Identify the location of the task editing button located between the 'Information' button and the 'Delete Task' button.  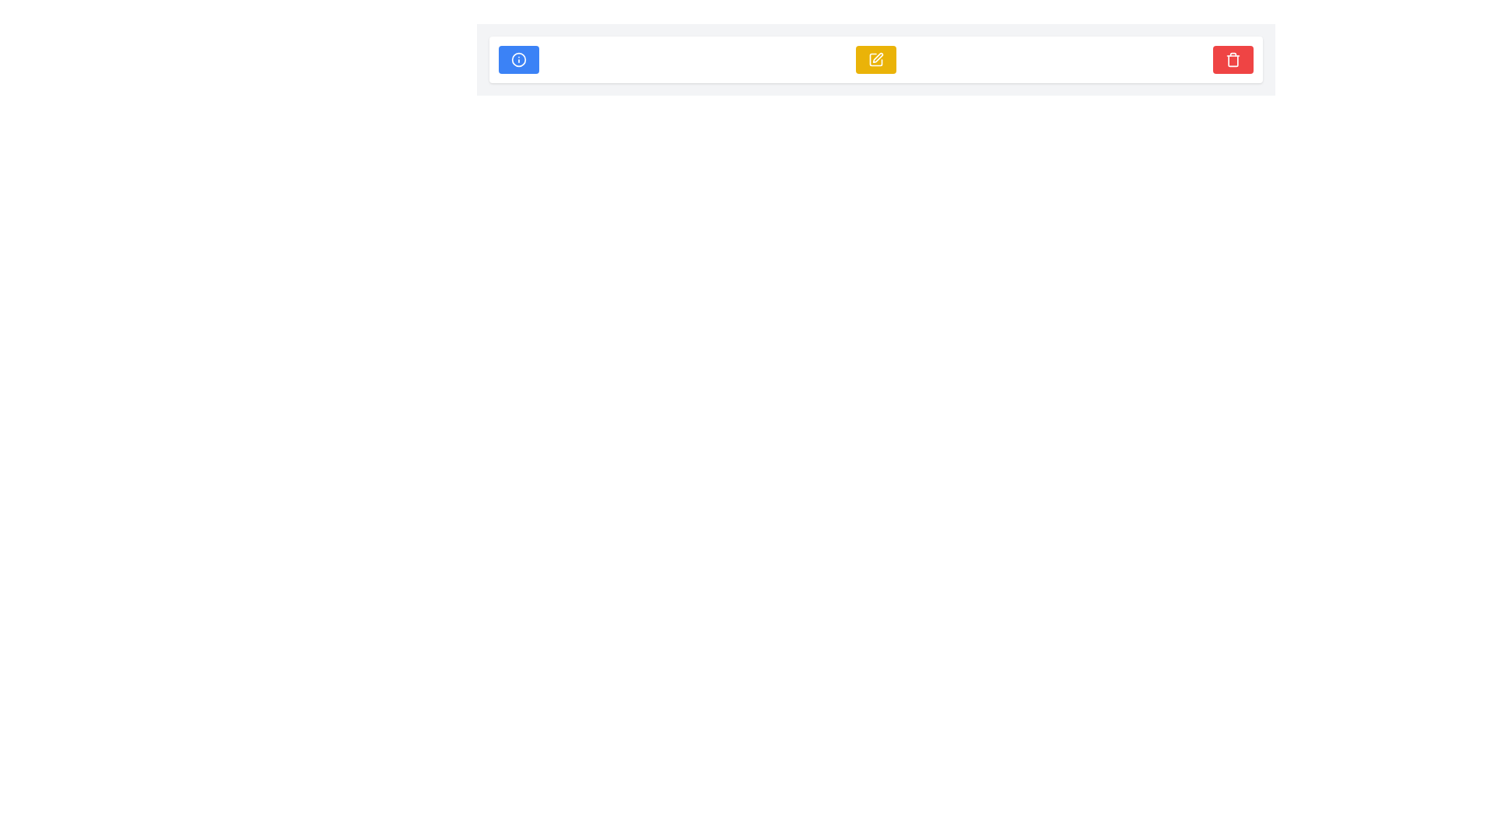
(876, 59).